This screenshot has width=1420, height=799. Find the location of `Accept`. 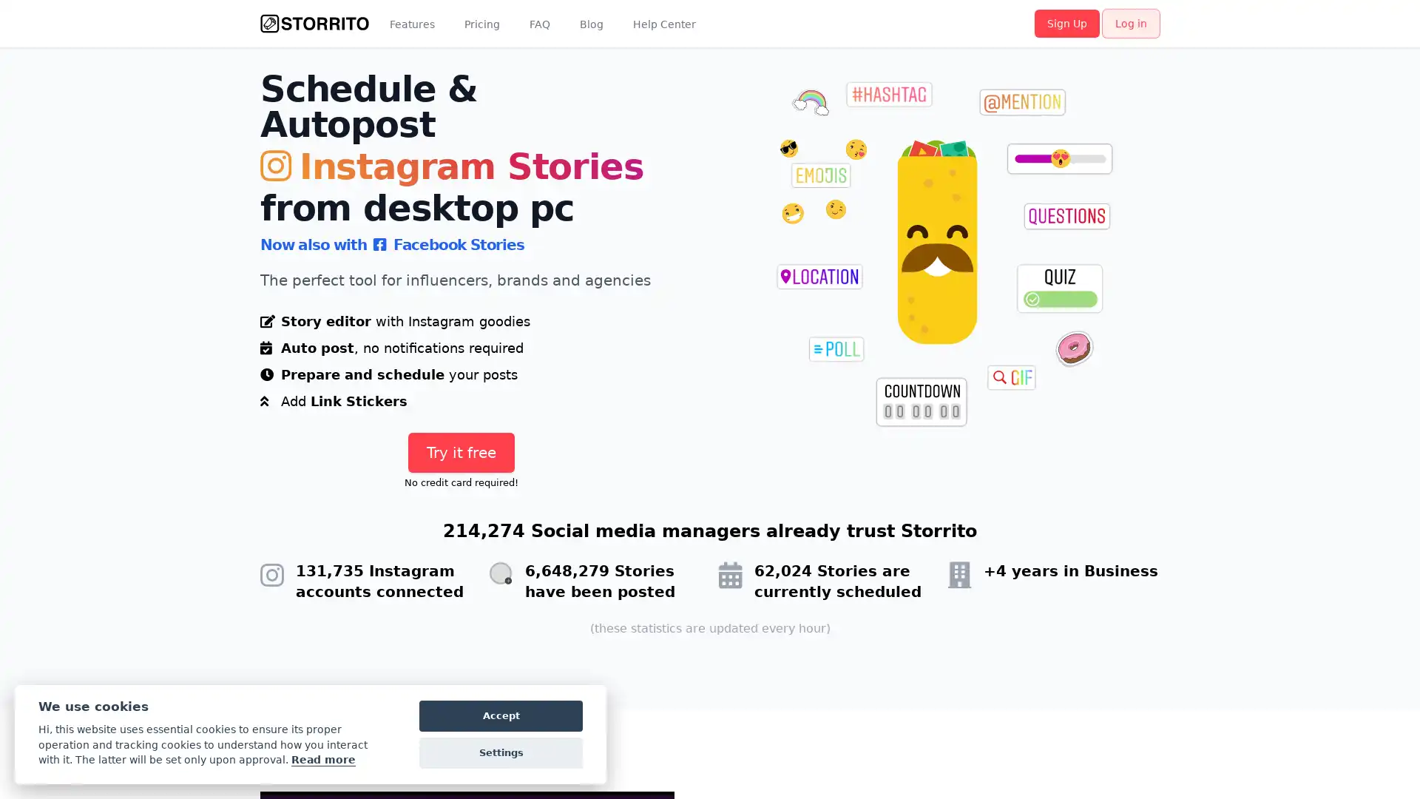

Accept is located at coordinates (501, 715).